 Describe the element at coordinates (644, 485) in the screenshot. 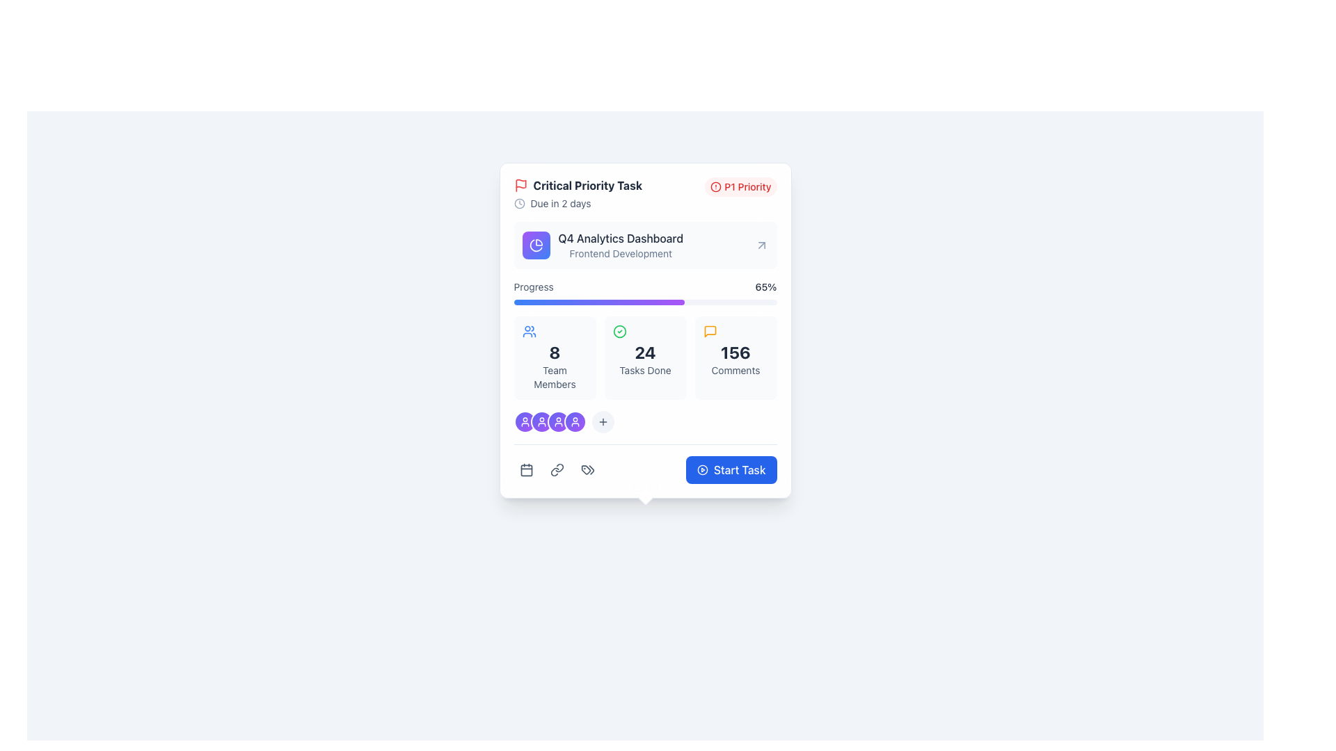

I see `the Decorative Dot located at the bottom center of the card, which serves as a decorative or alignment indicator` at that location.